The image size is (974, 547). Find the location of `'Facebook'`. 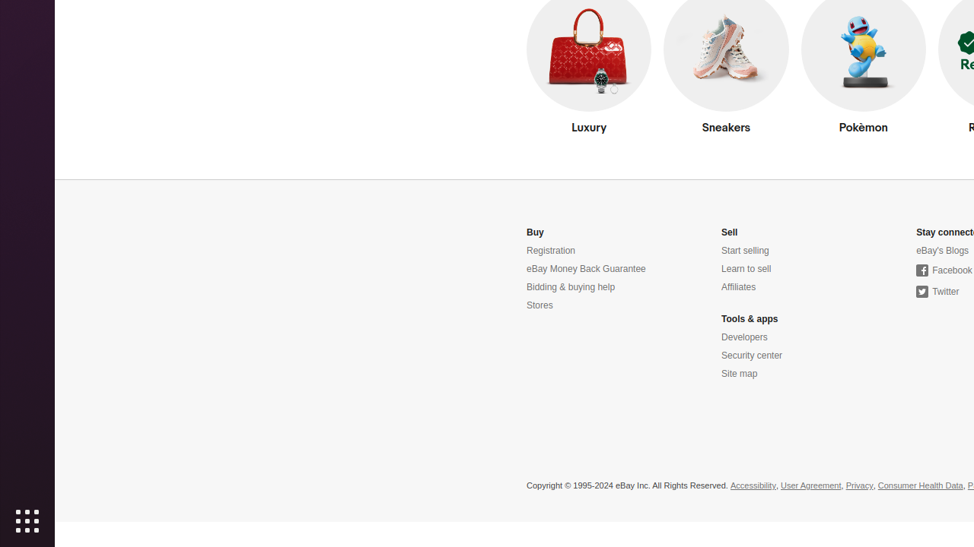

'Facebook' is located at coordinates (943, 270).